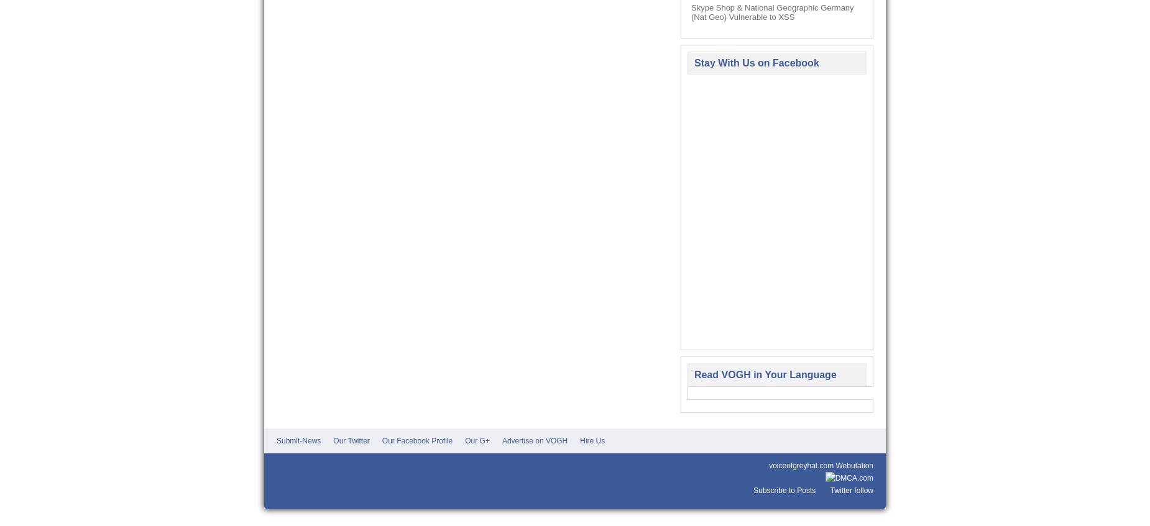 The height and width of the screenshot is (526, 1150). What do you see at coordinates (850, 490) in the screenshot?
I see `'Twitter follow'` at bounding box center [850, 490].